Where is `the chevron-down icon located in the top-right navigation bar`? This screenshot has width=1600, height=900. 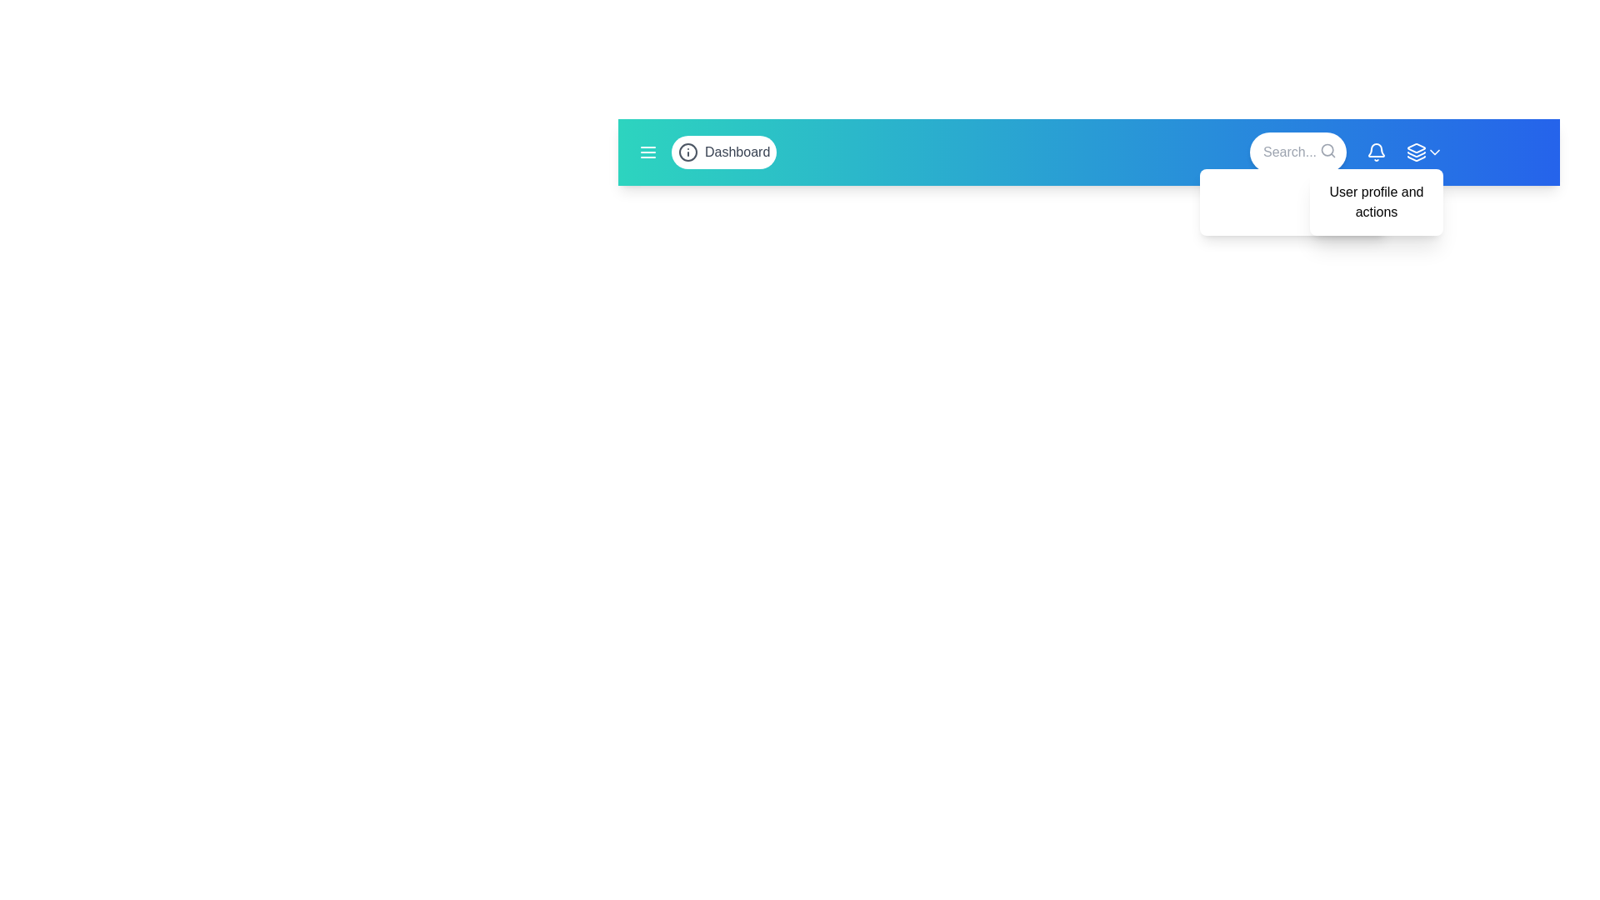
the chevron-down icon located in the top-right navigation bar is located at coordinates (1434, 152).